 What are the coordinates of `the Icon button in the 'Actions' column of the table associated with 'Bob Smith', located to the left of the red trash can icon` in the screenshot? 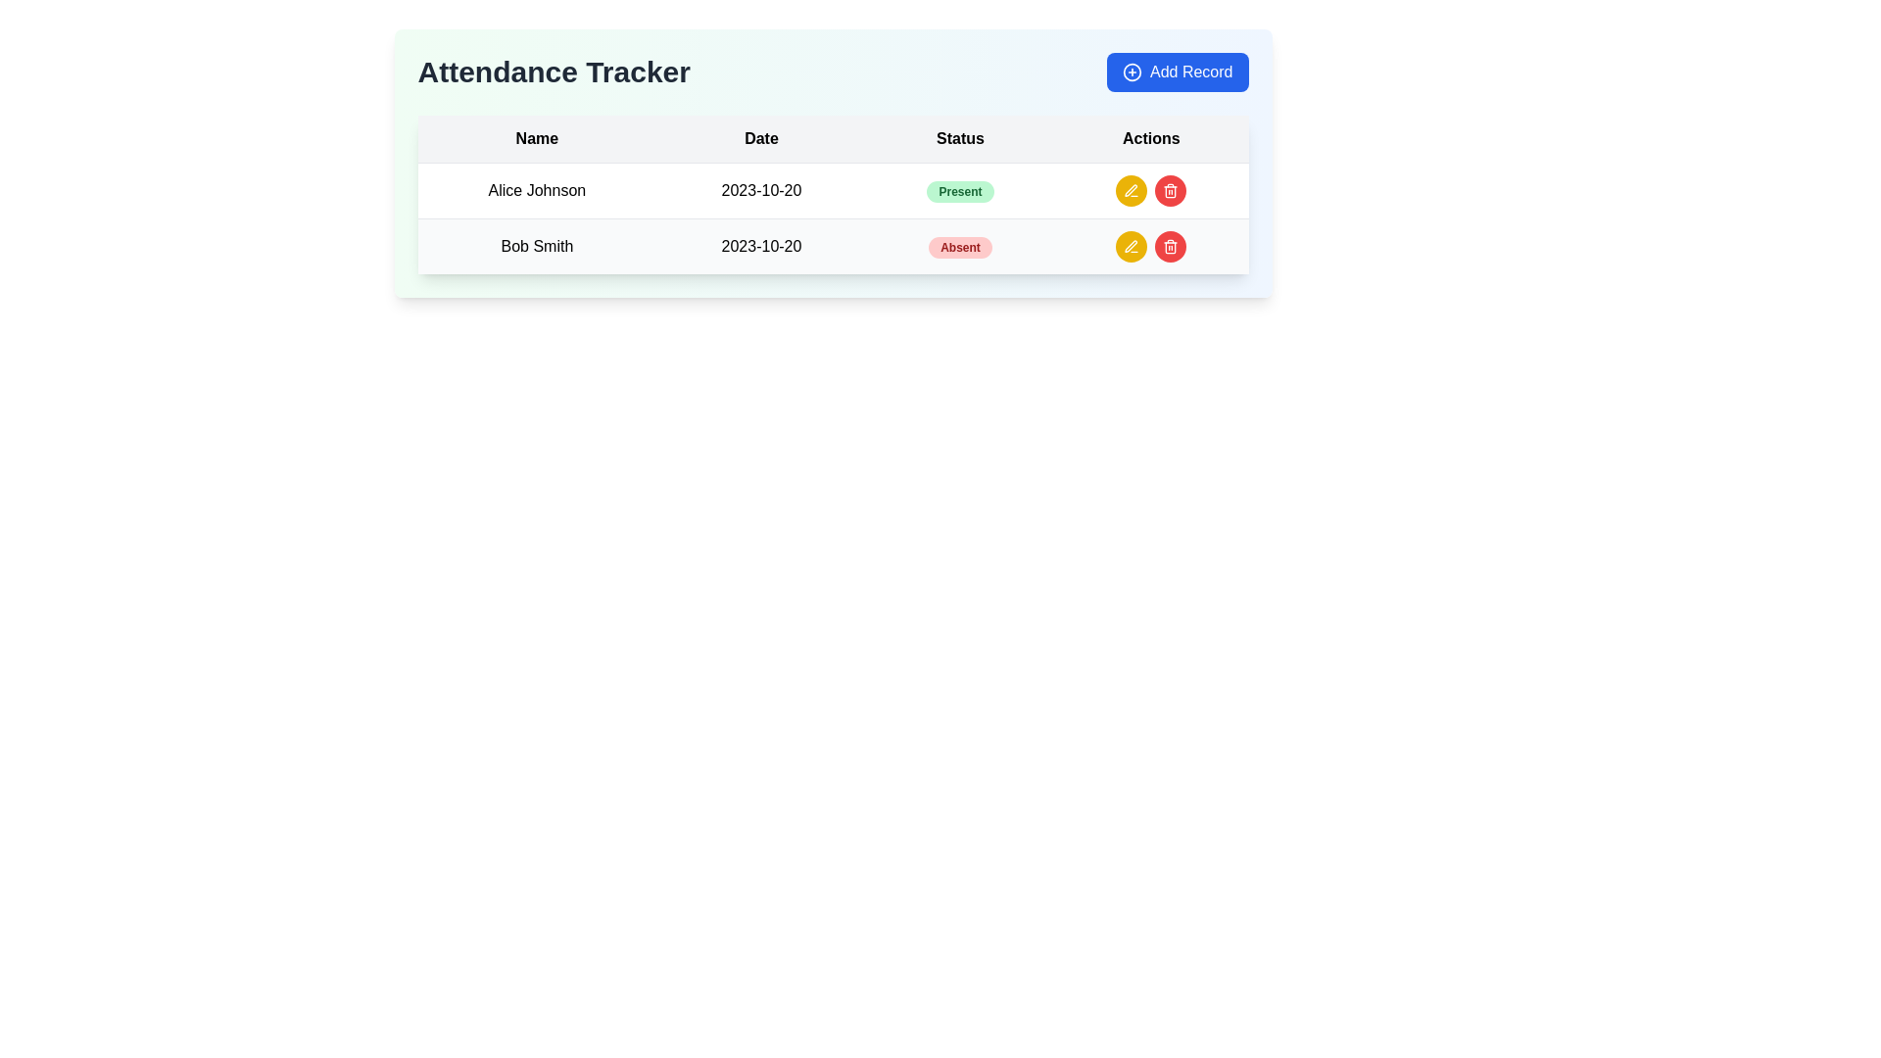 It's located at (1132, 245).